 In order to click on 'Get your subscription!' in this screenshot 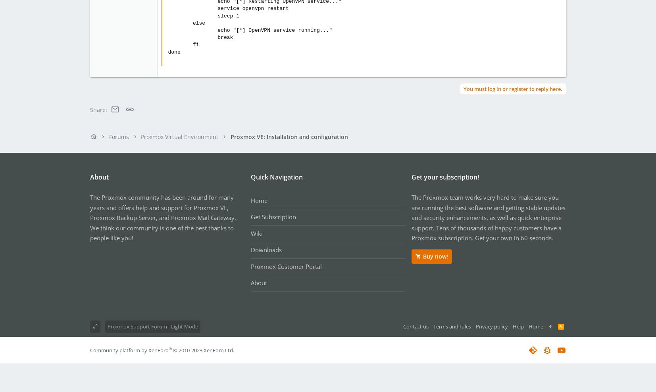, I will do `click(445, 177)`.